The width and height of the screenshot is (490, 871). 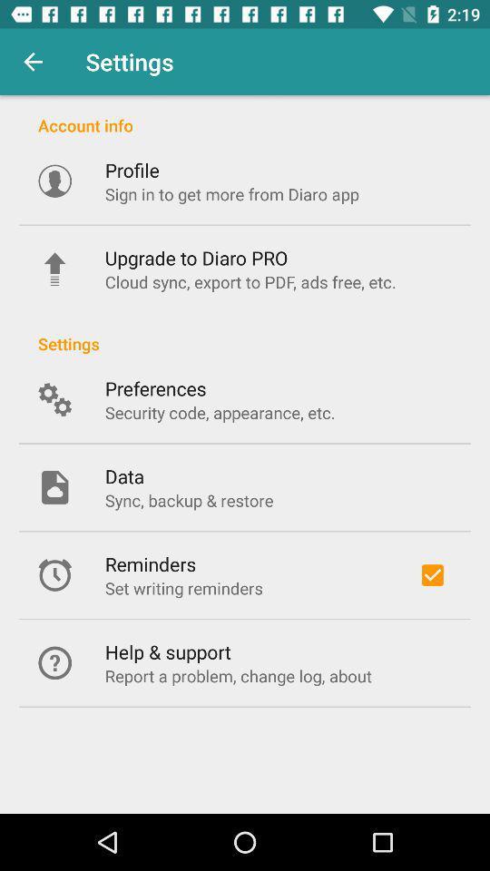 I want to click on the icon below the settings icon, so click(x=155, y=388).